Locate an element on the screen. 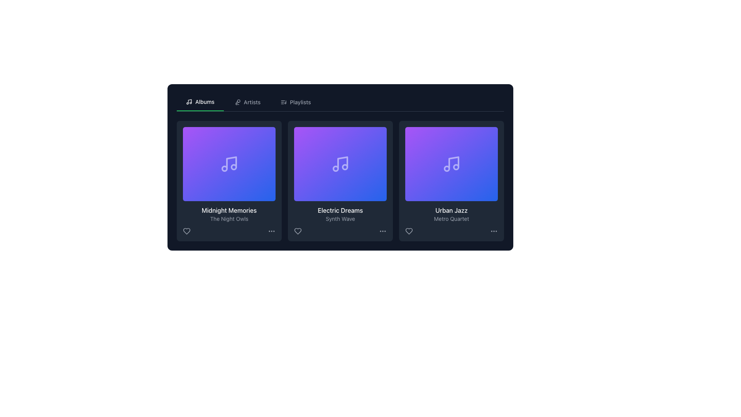 The height and width of the screenshot is (417, 741). the active Navigation button or tab located at the top of the interface, which allows users is located at coordinates (200, 101).